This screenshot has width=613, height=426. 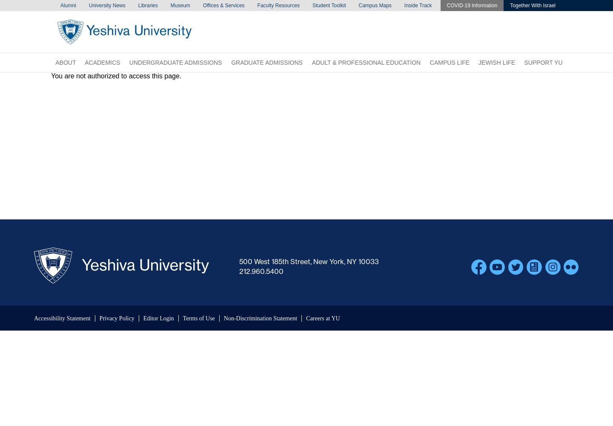 I want to click on 'Accessibility Statement', so click(x=62, y=318).